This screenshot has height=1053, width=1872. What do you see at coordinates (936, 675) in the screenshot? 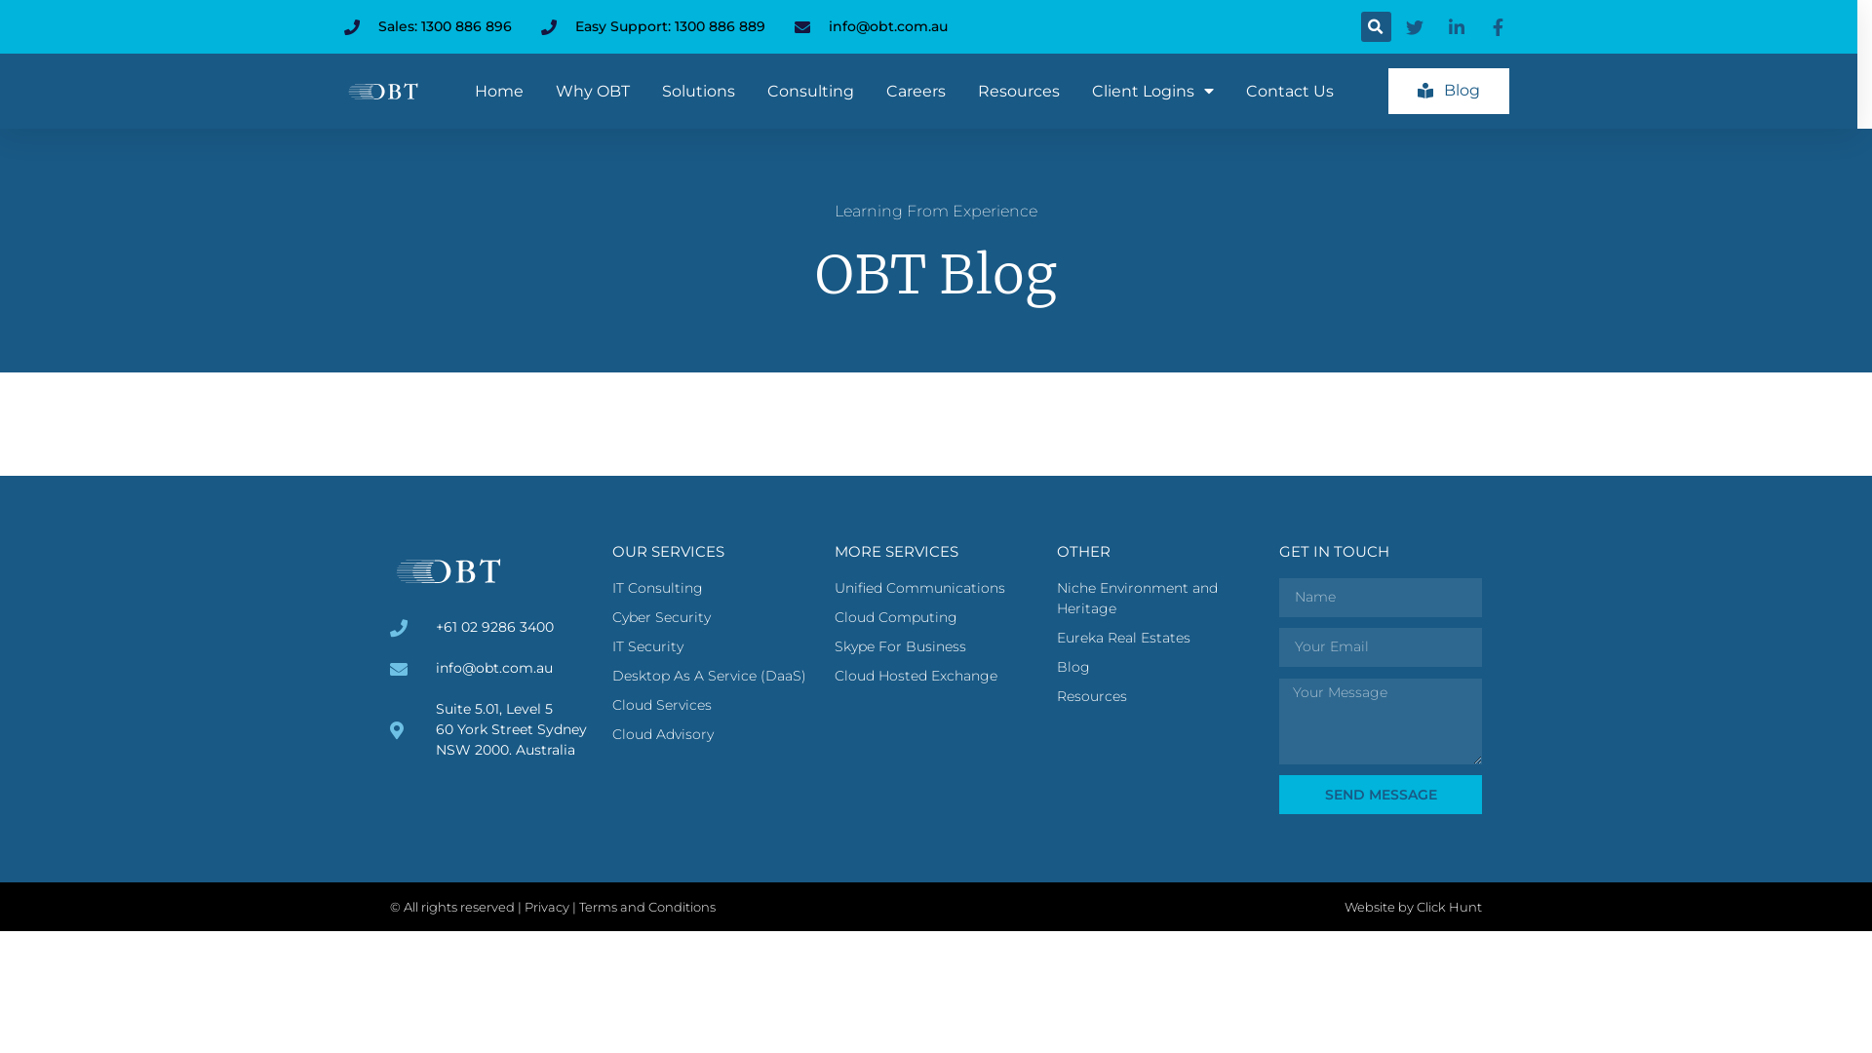
I see `'Cloud Hosted Exchange'` at bounding box center [936, 675].